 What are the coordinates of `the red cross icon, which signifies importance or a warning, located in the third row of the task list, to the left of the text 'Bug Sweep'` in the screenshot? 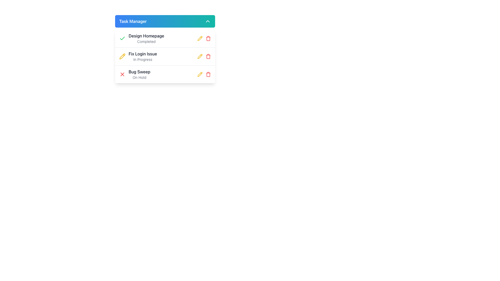 It's located at (122, 74).